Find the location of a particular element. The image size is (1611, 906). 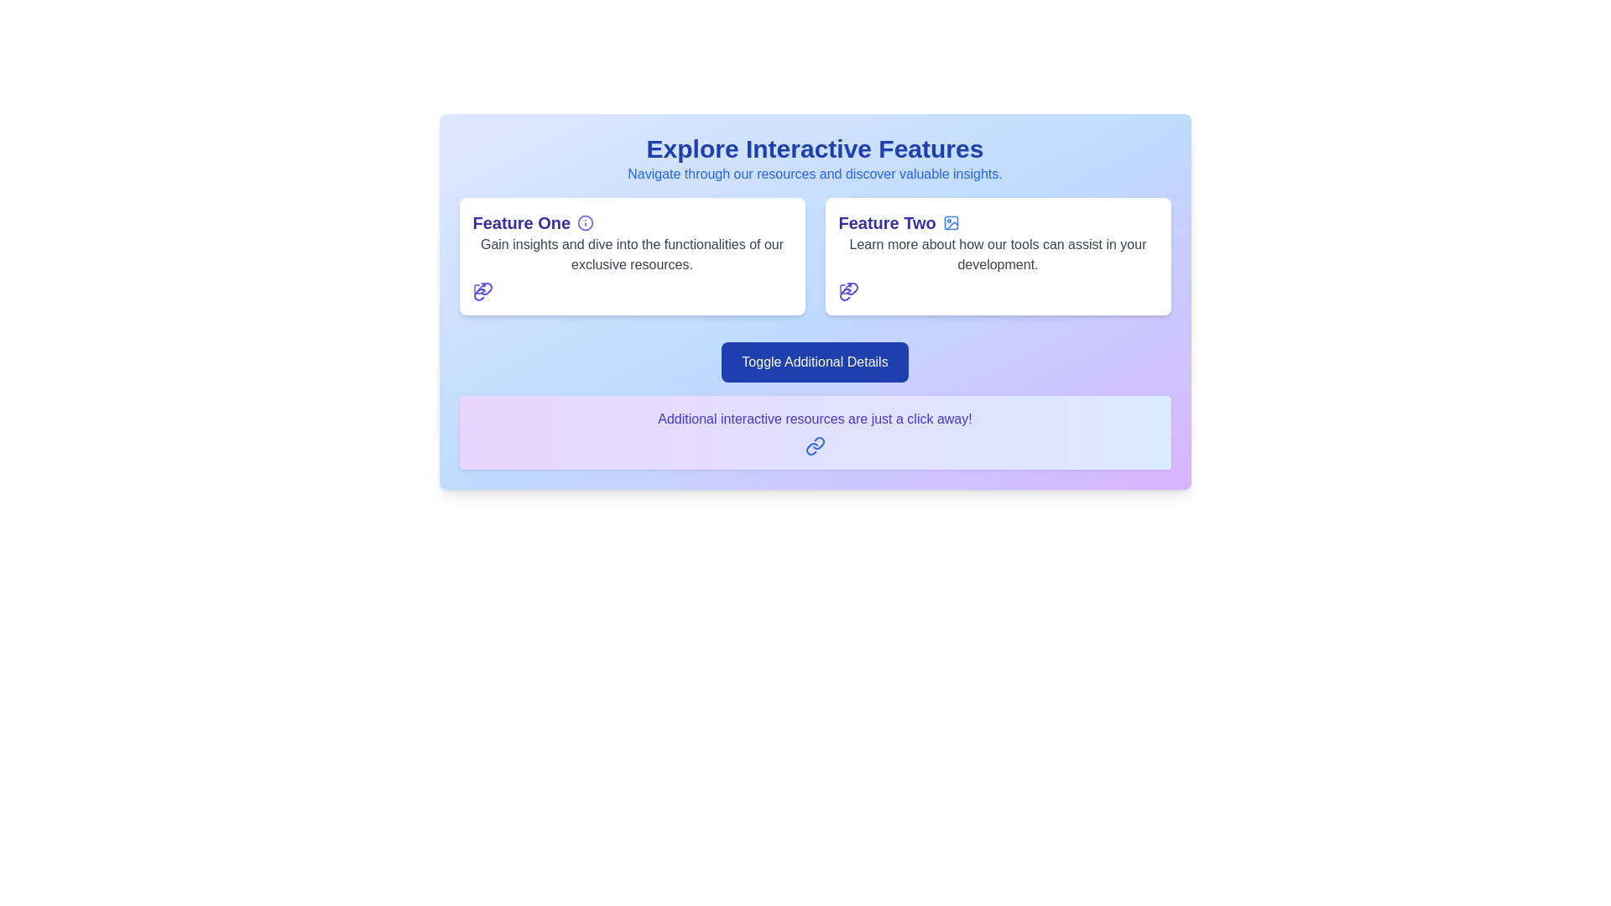

prominently styled header text labeled 'Explore Interactive Features' located at the top of the light-blue section is located at coordinates (815, 148).